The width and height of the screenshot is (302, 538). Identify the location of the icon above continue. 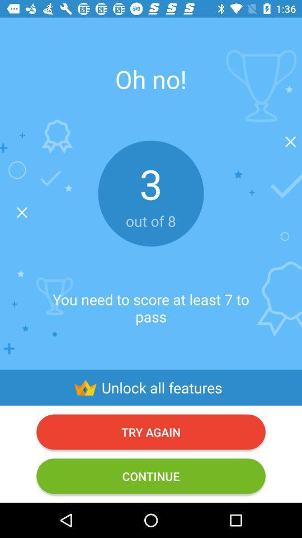
(151, 431).